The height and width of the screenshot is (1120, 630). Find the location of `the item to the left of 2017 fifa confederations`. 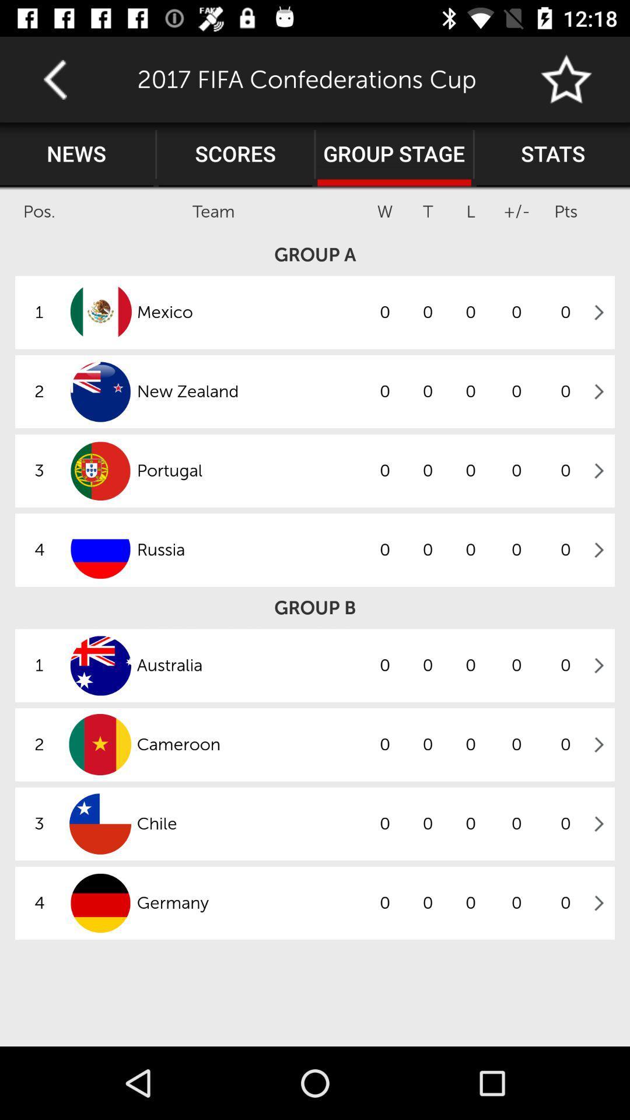

the item to the left of 2017 fifa confederations is located at coordinates (55, 79).